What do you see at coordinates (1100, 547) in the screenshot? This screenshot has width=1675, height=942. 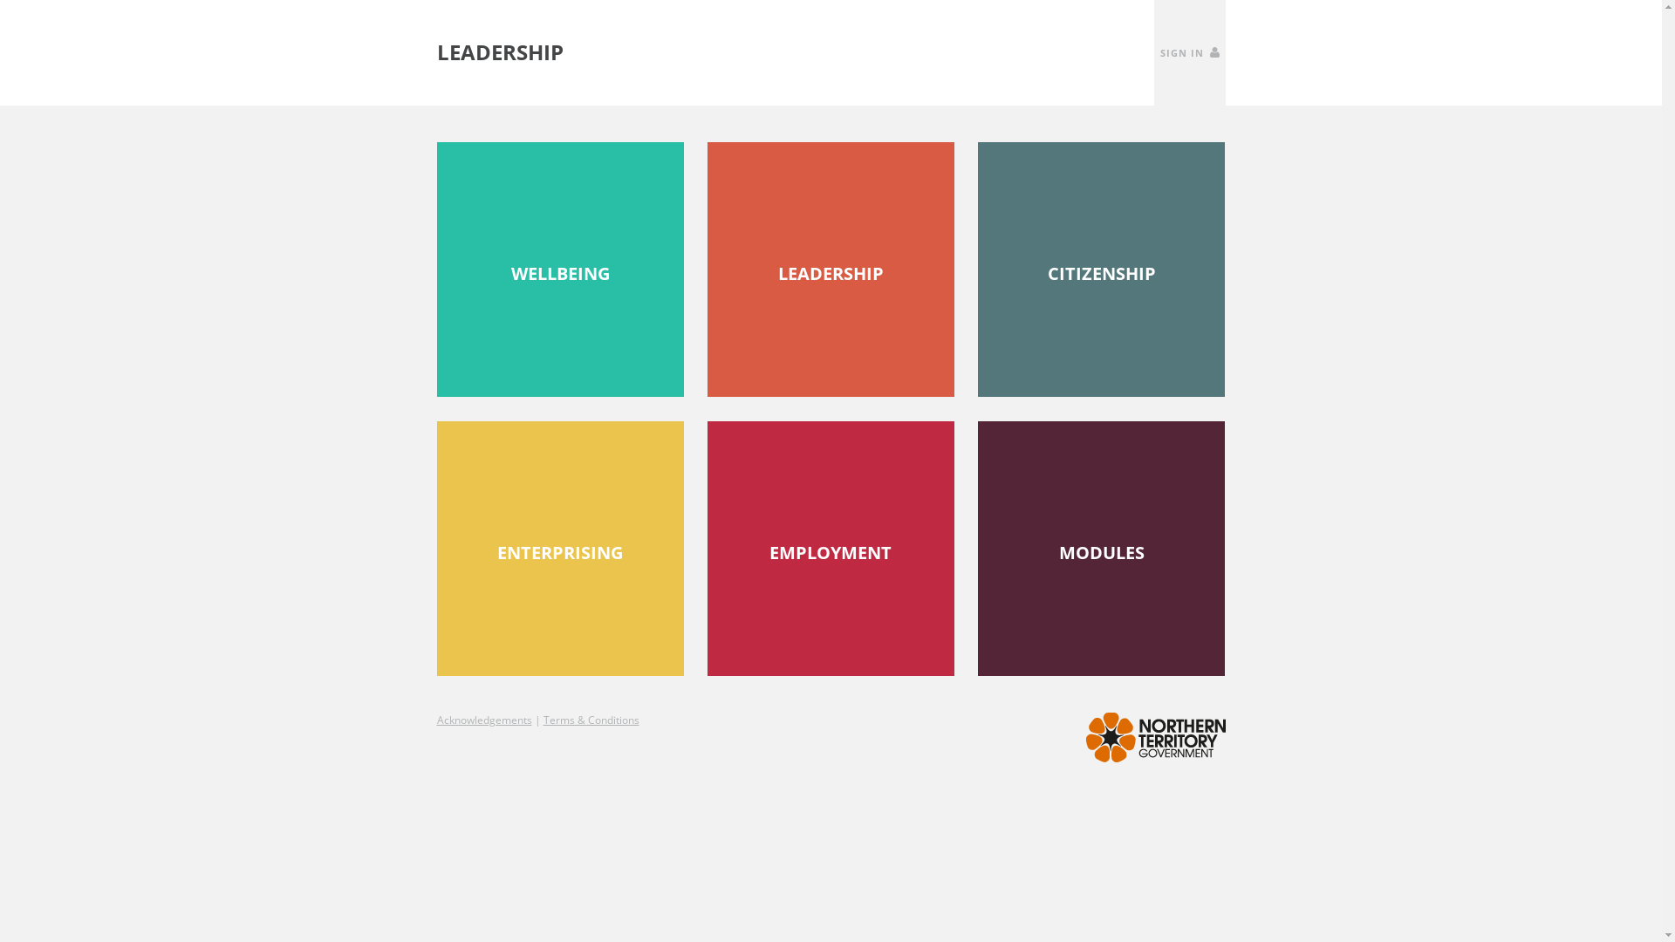 I see `'MODULES'` at bounding box center [1100, 547].